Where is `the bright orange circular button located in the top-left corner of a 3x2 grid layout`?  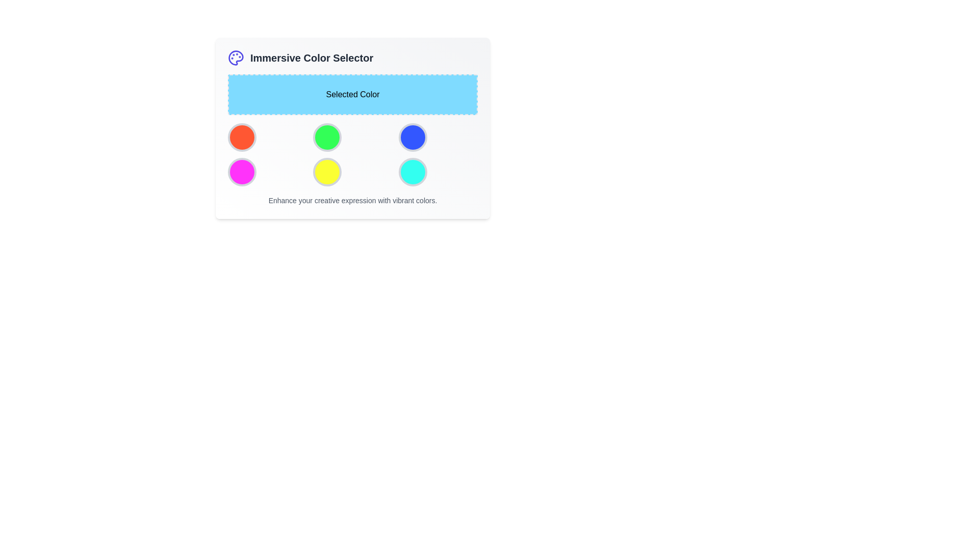 the bright orange circular button located in the top-left corner of a 3x2 grid layout is located at coordinates (242, 137).